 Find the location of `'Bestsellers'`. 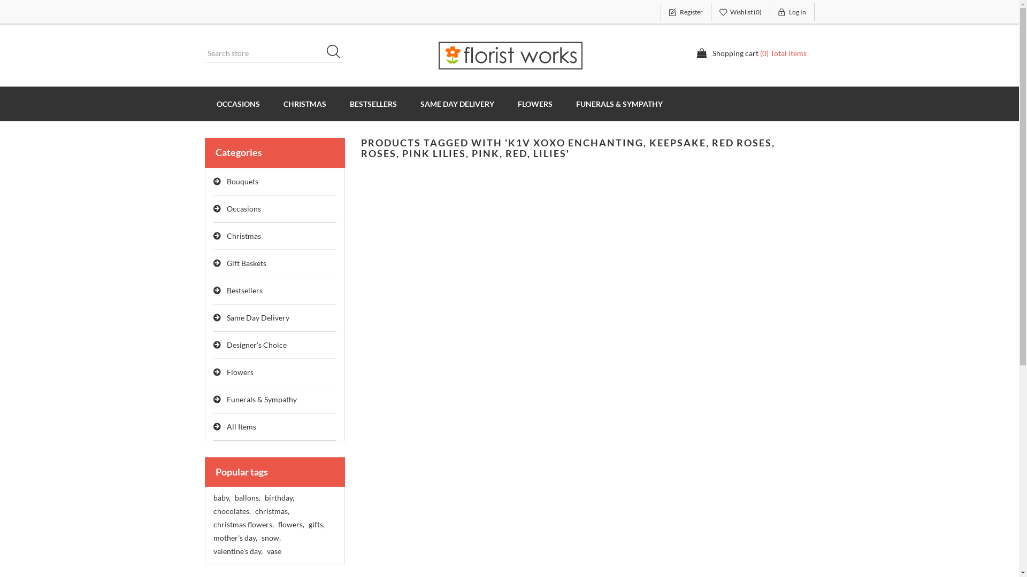

'Bestsellers' is located at coordinates (274, 291).